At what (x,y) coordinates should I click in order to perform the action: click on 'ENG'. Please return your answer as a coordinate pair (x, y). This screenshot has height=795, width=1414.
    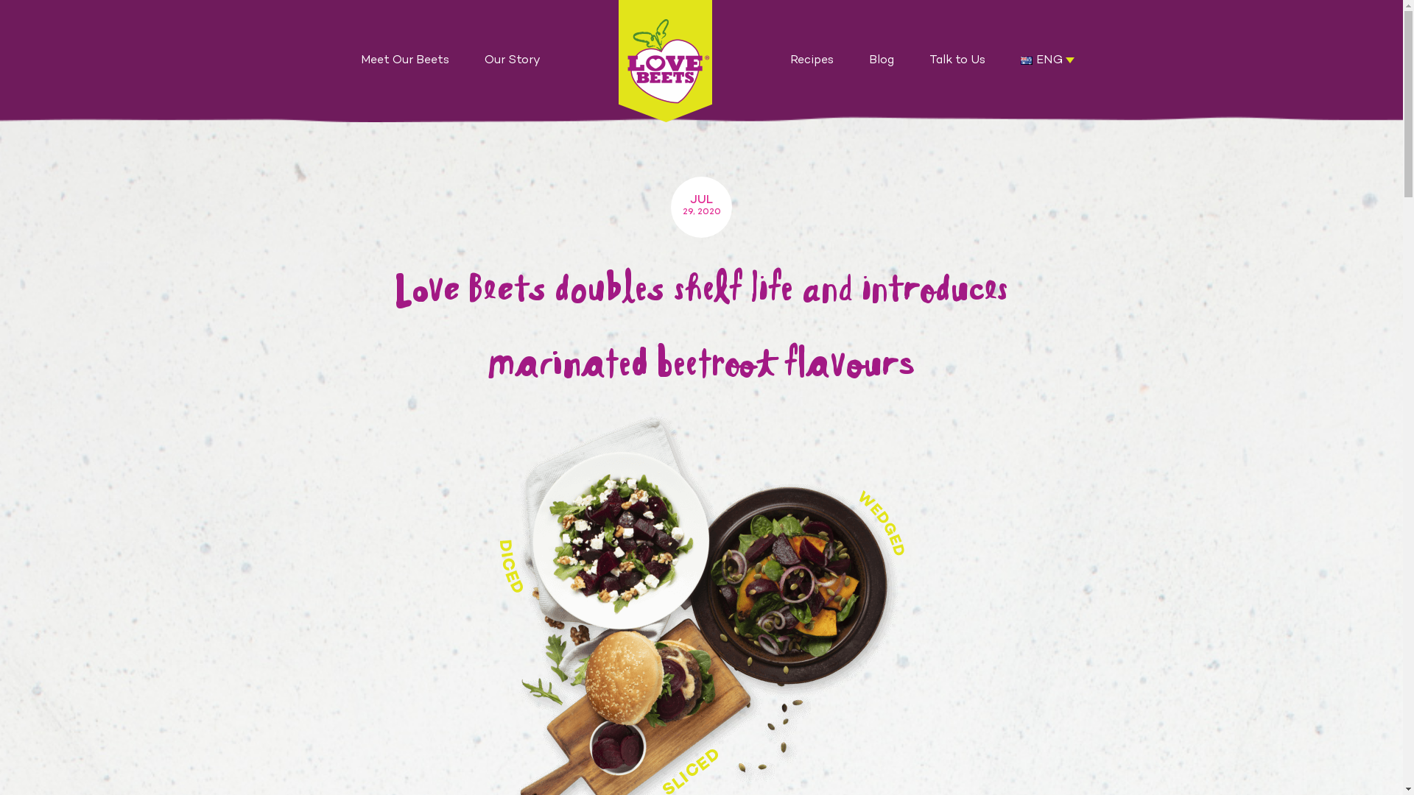
    Looking at the image, I should click on (1047, 60).